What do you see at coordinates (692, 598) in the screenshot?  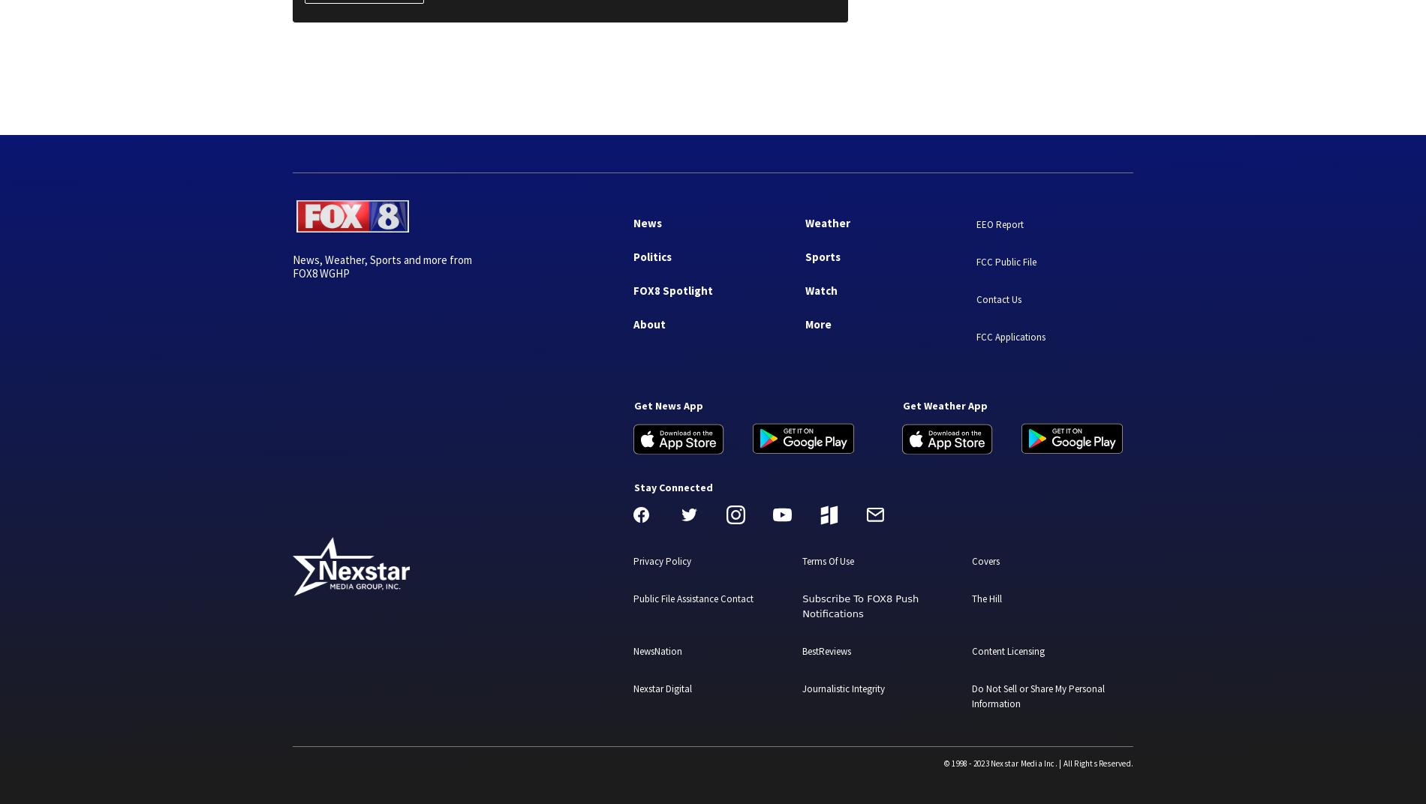 I see `'Public File Assistance Contact'` at bounding box center [692, 598].